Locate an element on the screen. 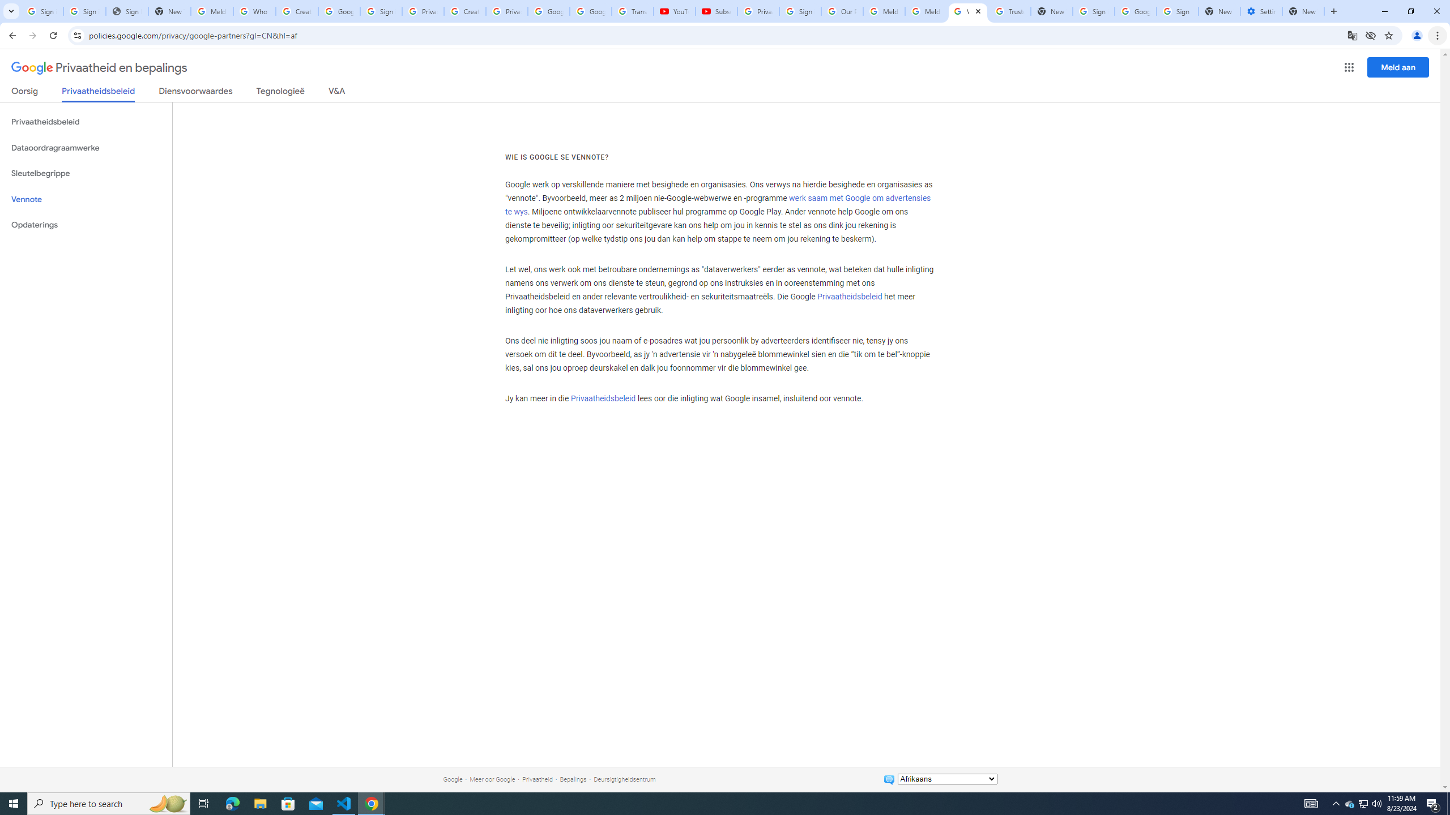  'Subscriptions - YouTube' is located at coordinates (715, 11).